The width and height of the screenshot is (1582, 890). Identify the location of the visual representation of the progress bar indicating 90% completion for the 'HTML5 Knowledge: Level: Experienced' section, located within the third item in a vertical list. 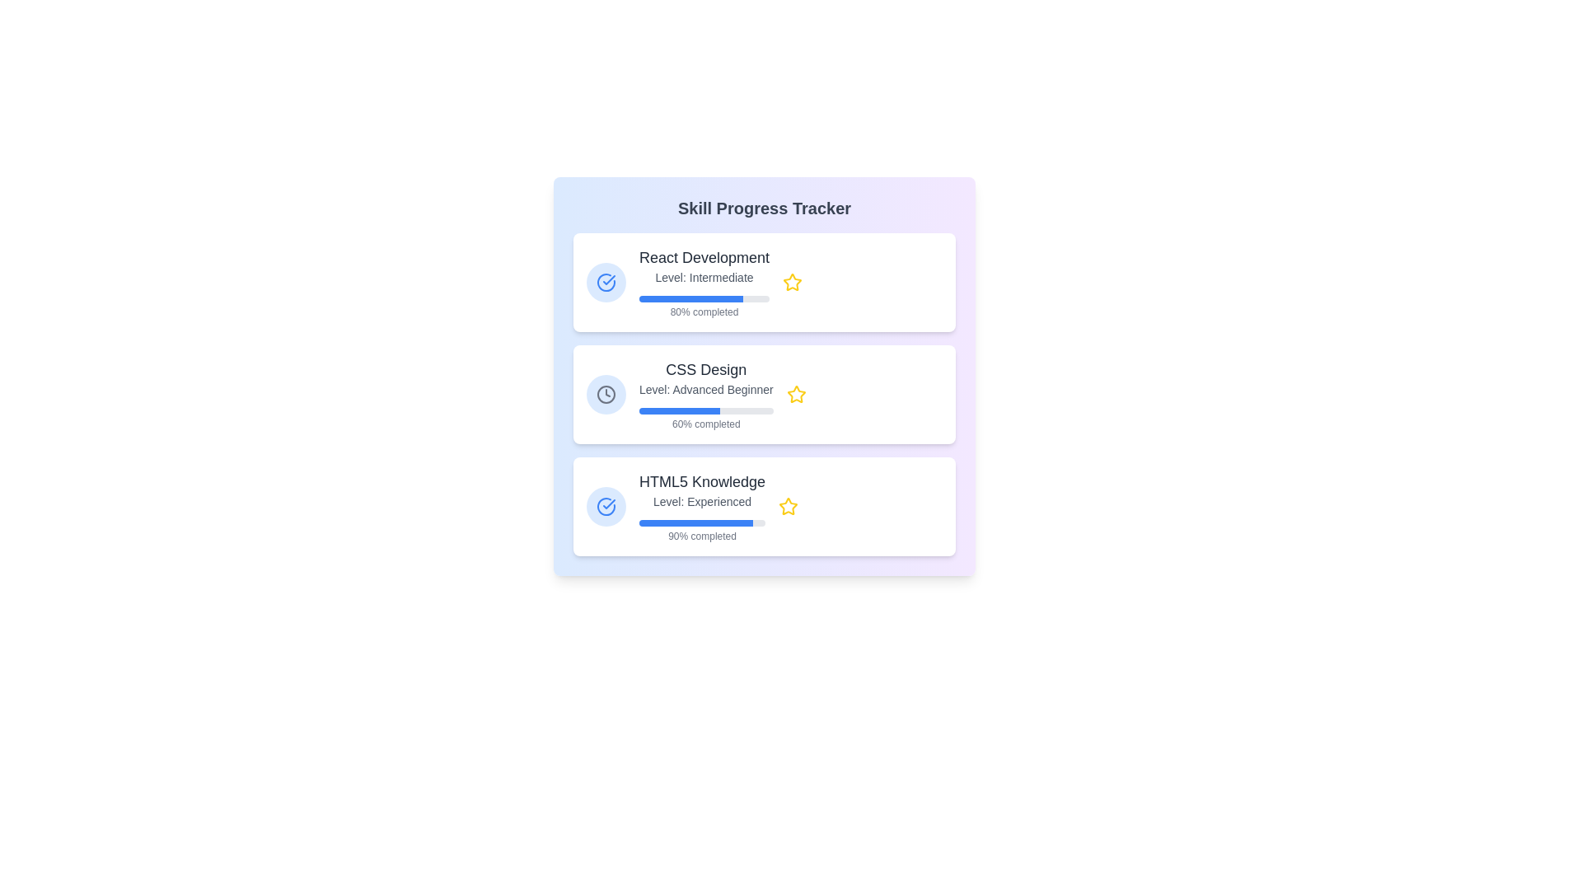
(702, 523).